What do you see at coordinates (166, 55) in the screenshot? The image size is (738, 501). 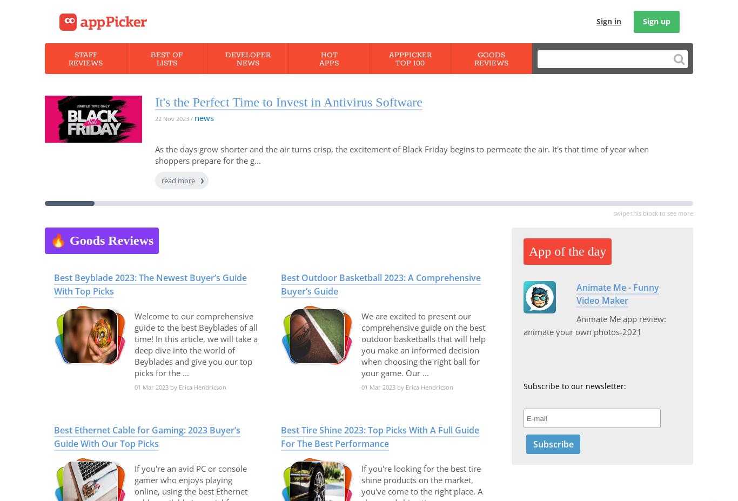 I see `'Best Of'` at bounding box center [166, 55].